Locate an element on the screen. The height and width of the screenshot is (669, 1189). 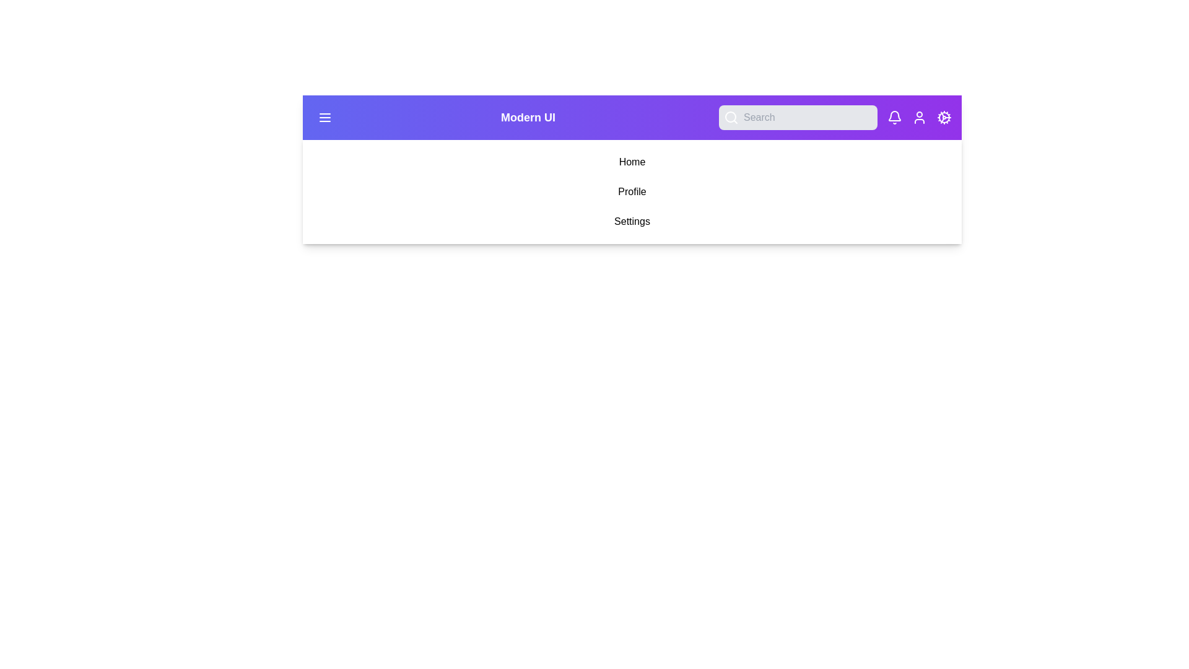
the Notification button to navigate to its respective section is located at coordinates (894, 117).